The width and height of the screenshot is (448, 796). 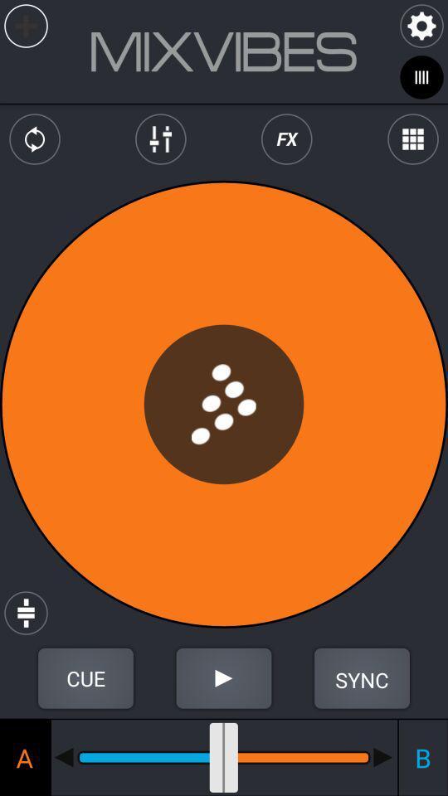 What do you see at coordinates (285, 138) in the screenshot?
I see `sound effect button` at bounding box center [285, 138].